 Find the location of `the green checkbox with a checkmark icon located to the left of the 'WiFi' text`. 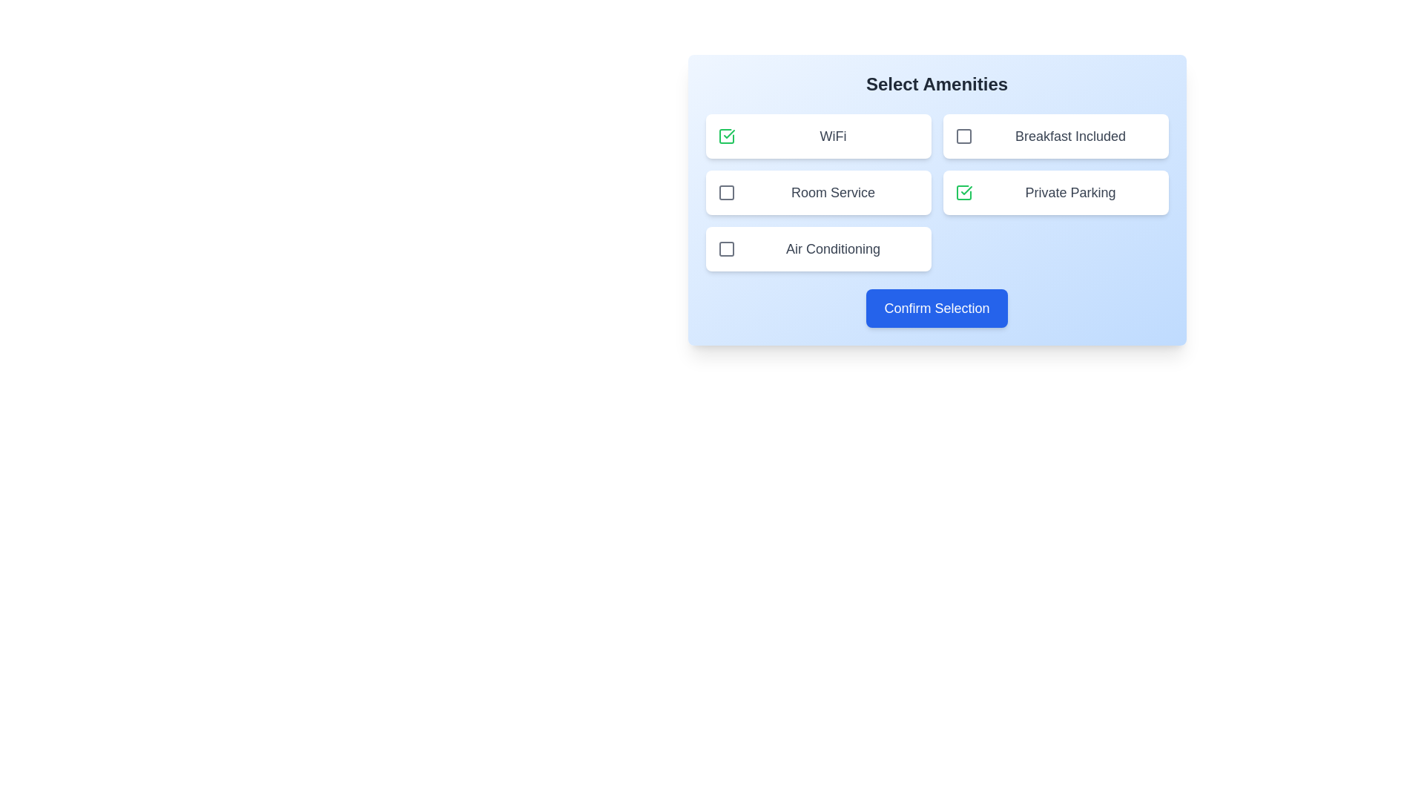

the green checkbox with a checkmark icon located to the left of the 'WiFi' text is located at coordinates (726, 136).